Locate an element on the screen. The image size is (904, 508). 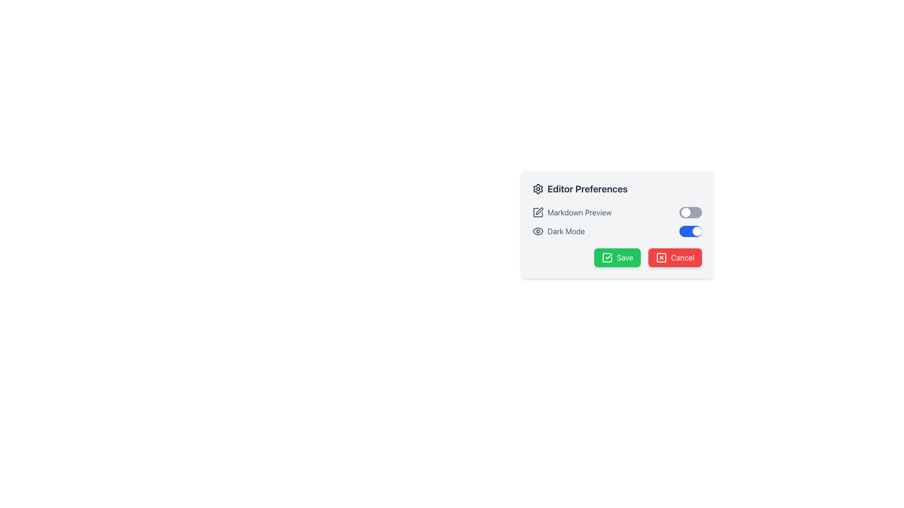
the toggle switch for 'Dark Mode' located in the bottom-right corner of the 'Editor Preferences' pop-up to switch its state is located at coordinates (691, 231).